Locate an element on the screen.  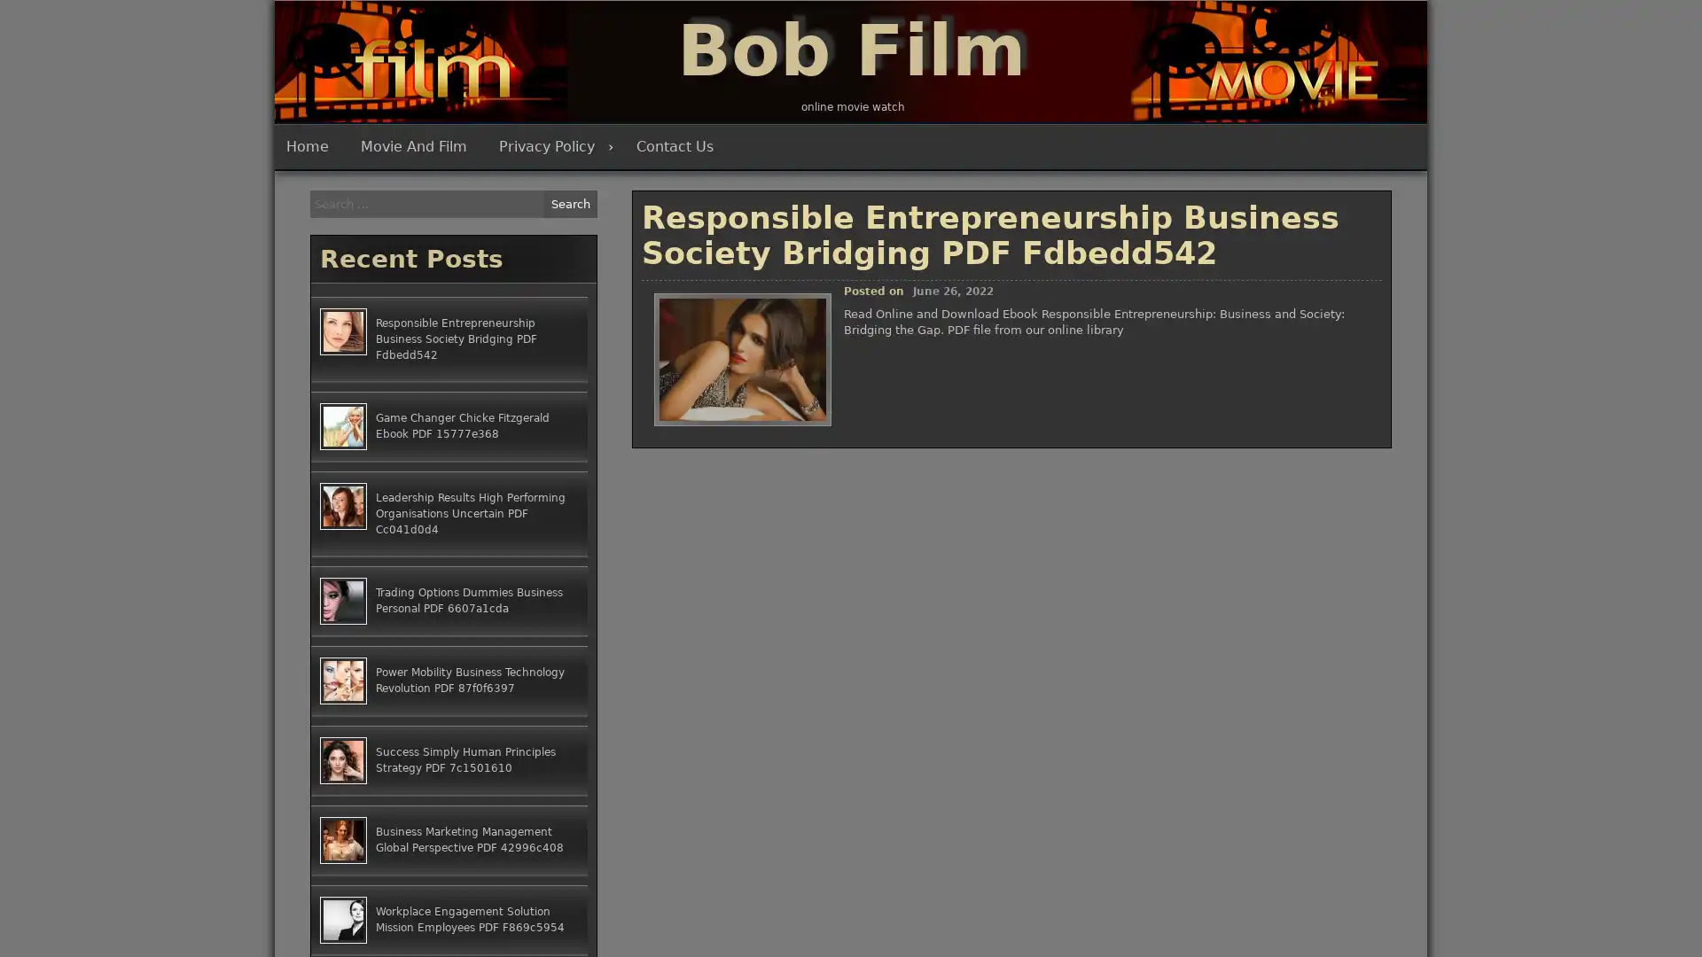
Search is located at coordinates (570, 203).